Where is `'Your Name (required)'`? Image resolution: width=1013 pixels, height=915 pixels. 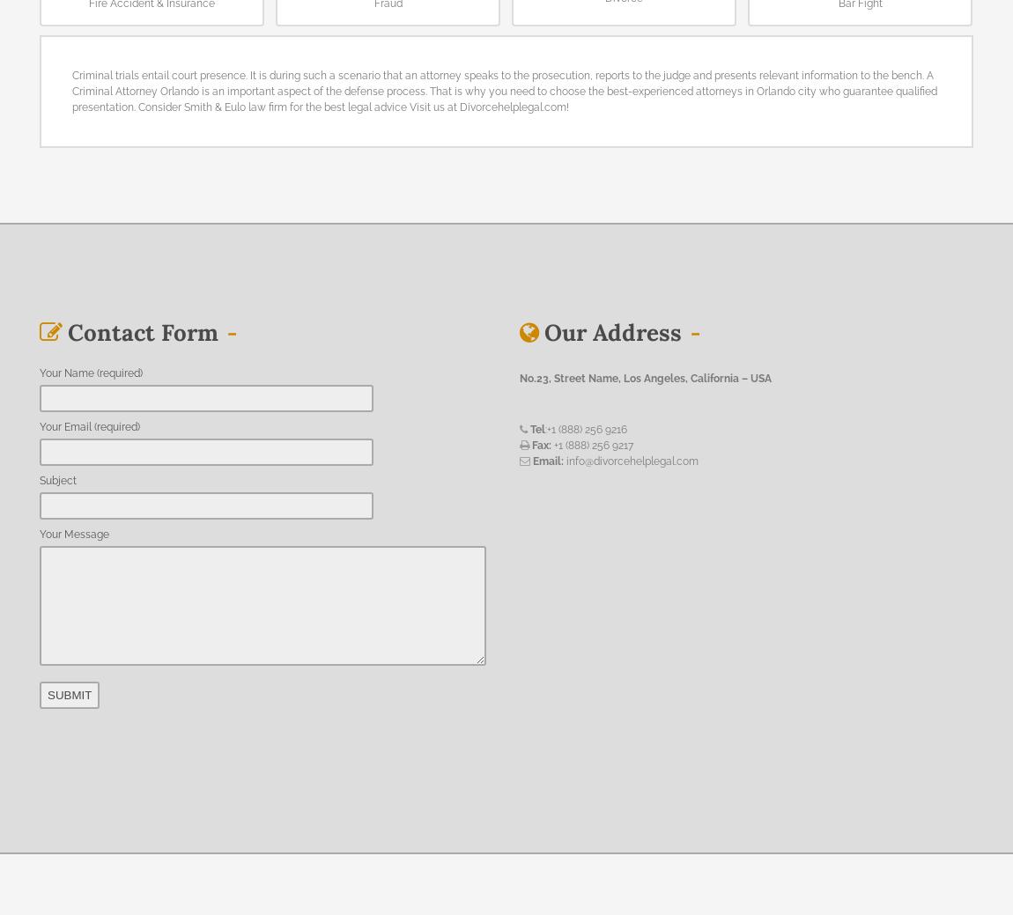 'Your Name (required)' is located at coordinates (90, 371).